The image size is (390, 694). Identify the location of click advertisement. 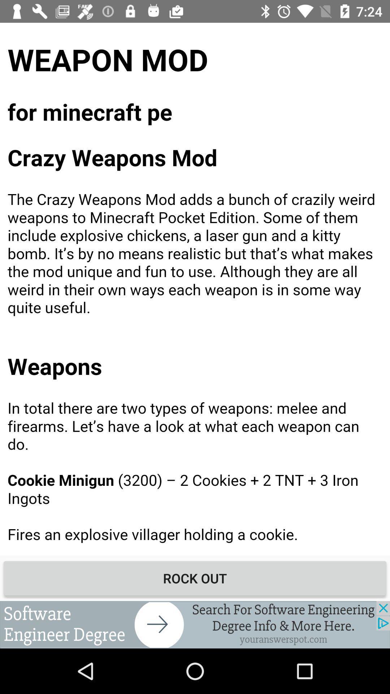
(195, 624).